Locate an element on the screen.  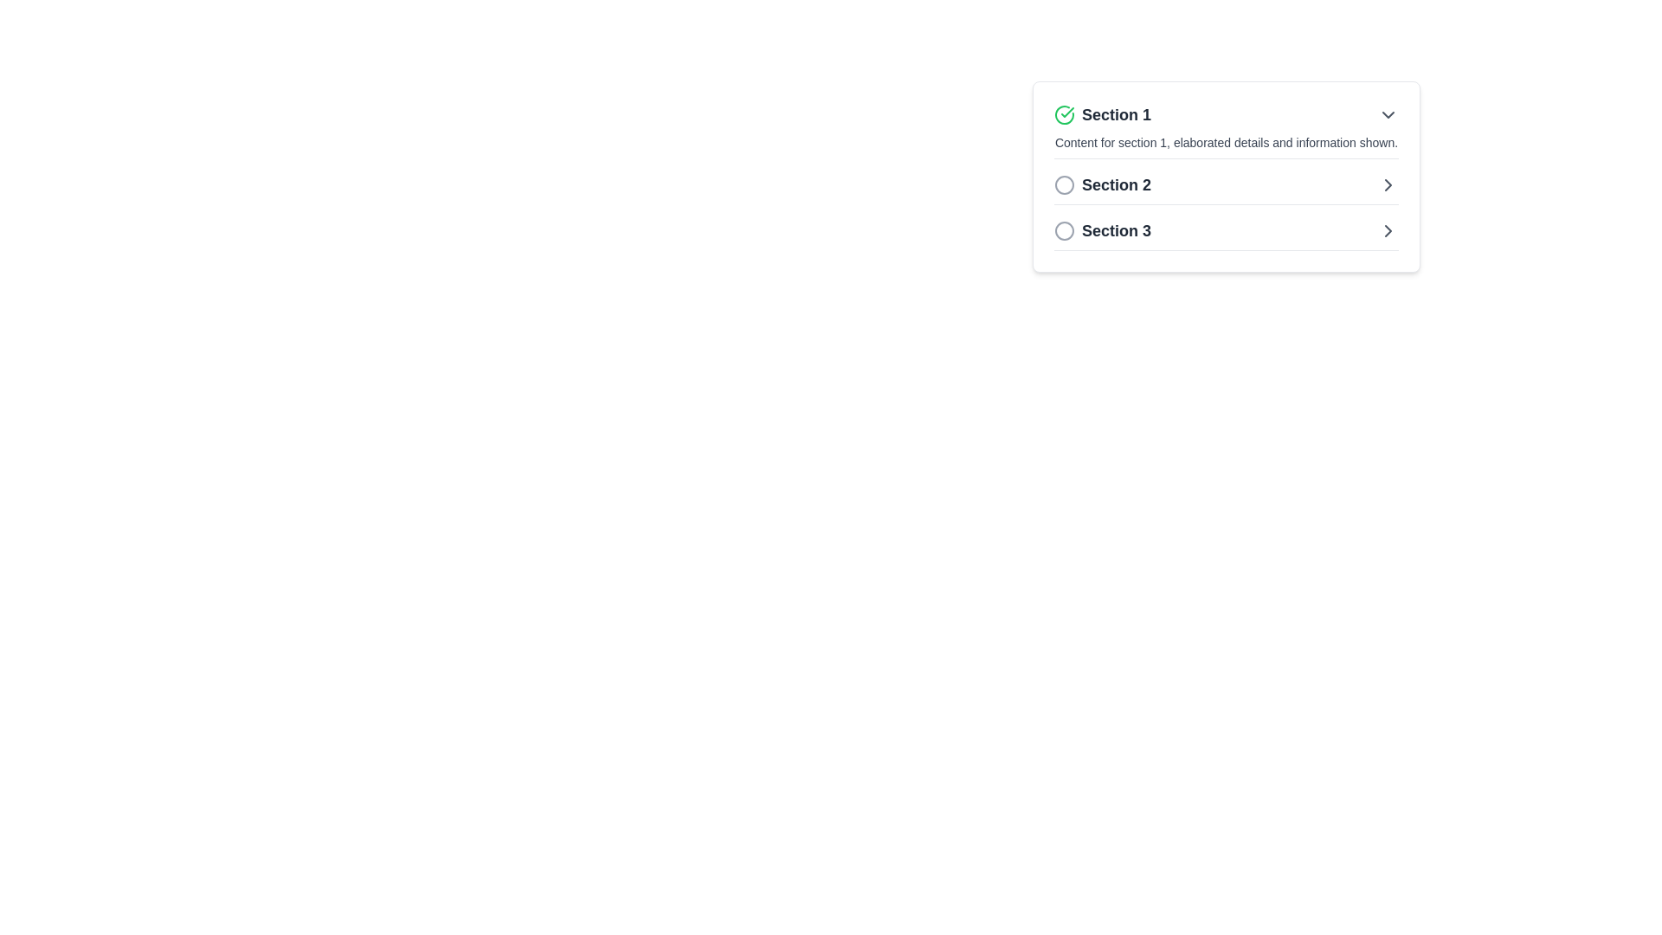
the text header labeled 'Section 2' is located at coordinates (1102, 184).